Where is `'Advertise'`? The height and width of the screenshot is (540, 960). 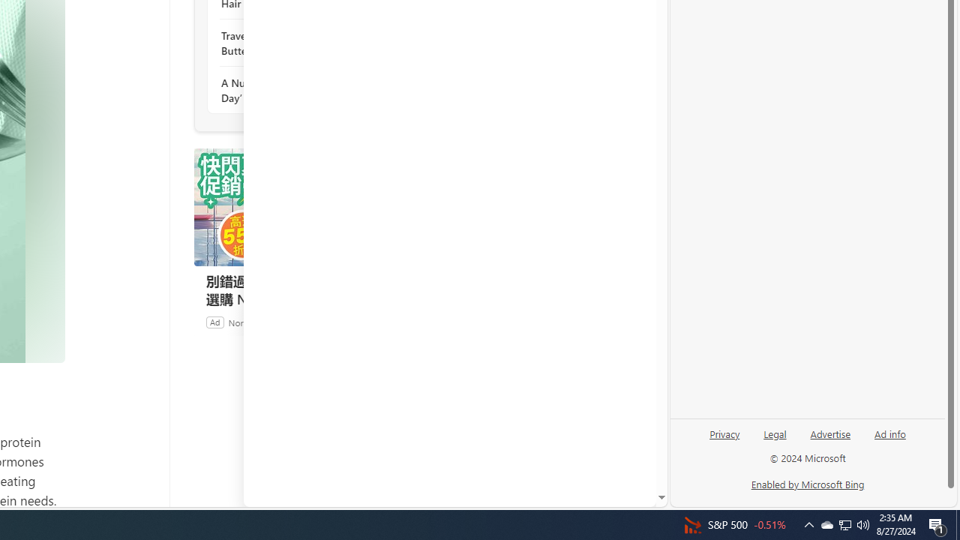 'Advertise' is located at coordinates (829, 433).